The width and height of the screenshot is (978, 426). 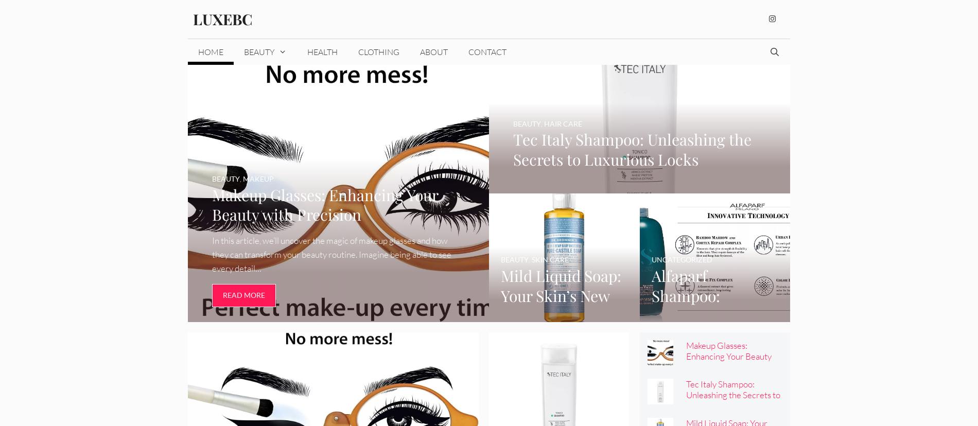 I want to click on 'LUXEBC', so click(x=222, y=19).